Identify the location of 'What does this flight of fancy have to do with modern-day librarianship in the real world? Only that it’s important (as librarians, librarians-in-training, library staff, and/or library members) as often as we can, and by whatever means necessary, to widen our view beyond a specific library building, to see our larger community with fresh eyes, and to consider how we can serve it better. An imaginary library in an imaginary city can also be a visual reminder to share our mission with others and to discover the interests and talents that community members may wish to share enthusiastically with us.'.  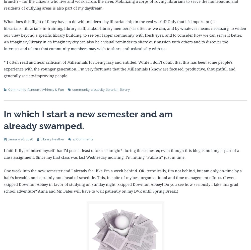
(125, 35).